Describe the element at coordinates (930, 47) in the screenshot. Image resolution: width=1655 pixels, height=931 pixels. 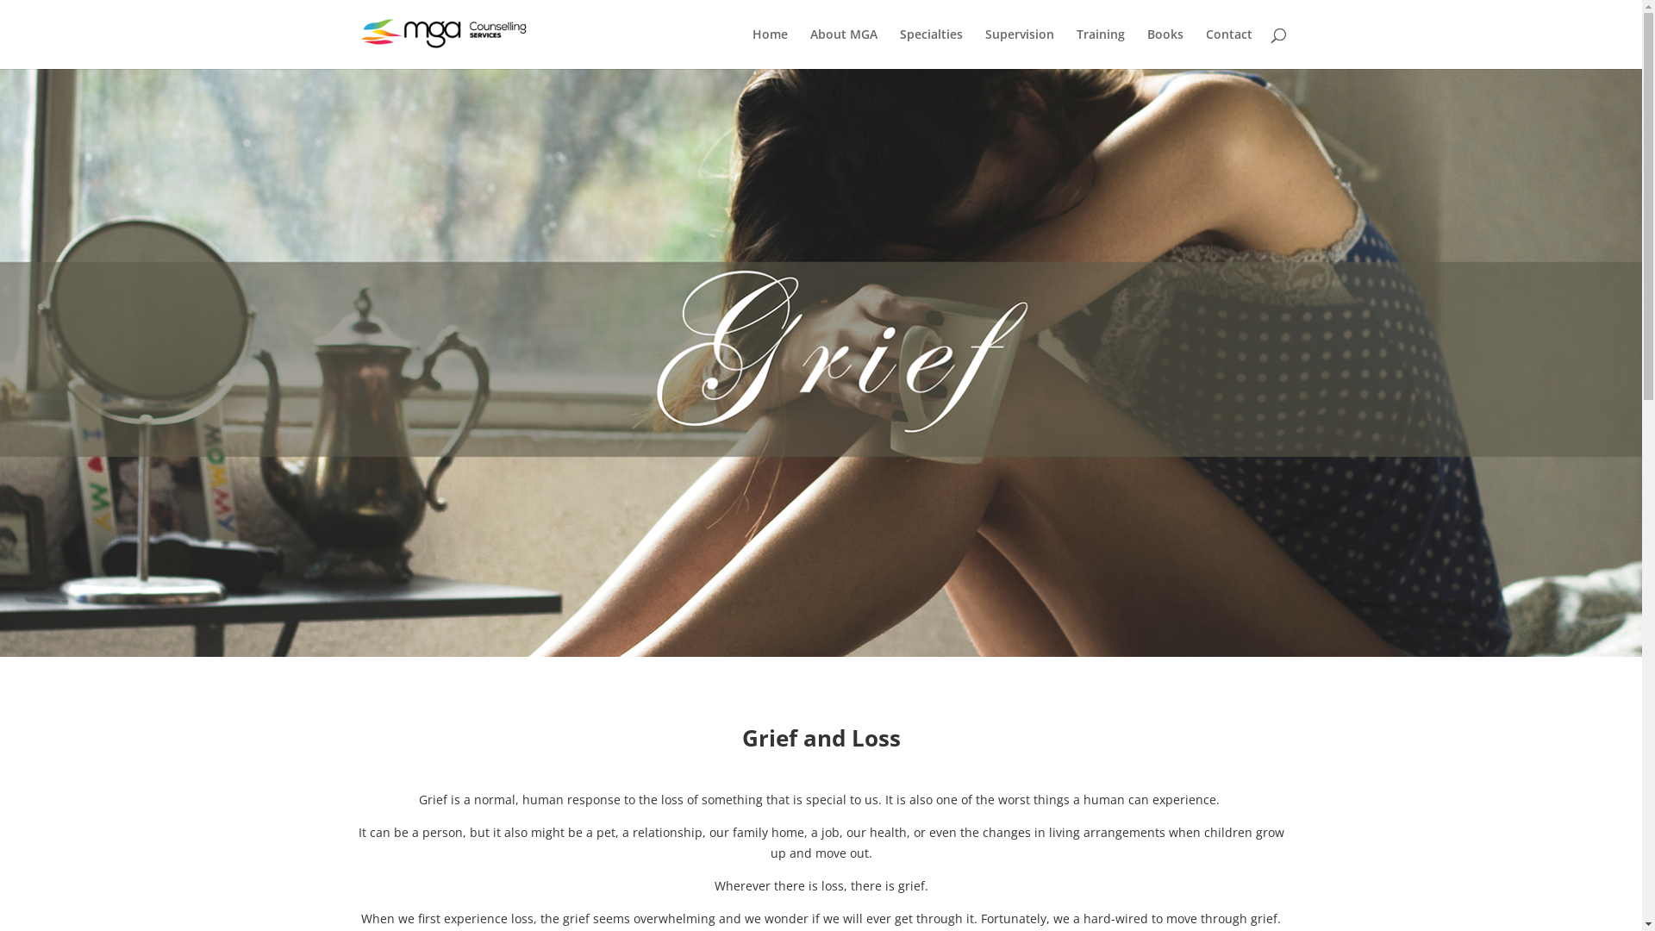
I see `'Specialties'` at that location.